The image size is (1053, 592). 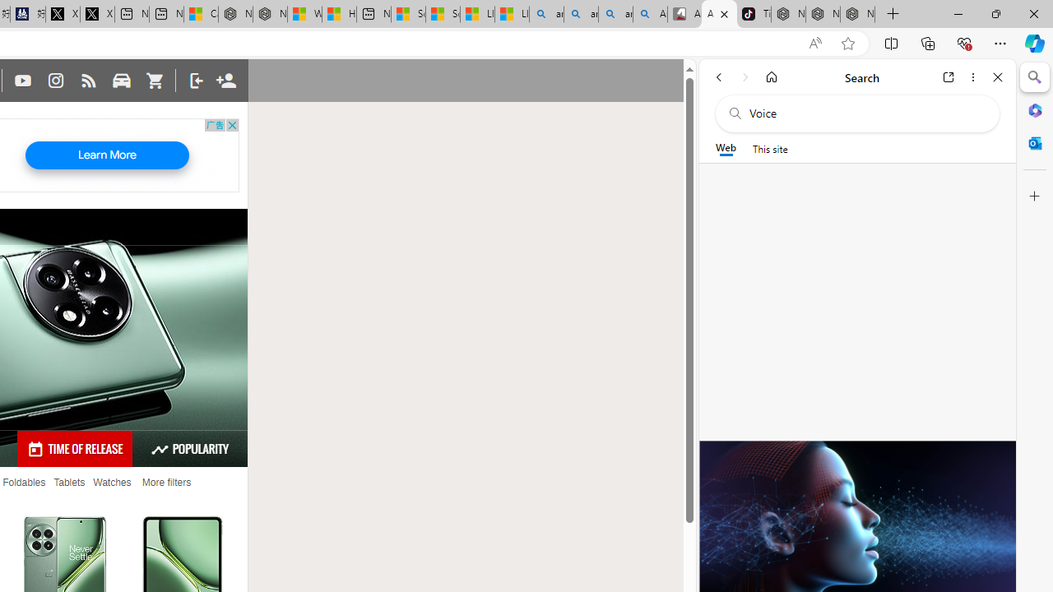 I want to click on 'Open link in new tab', so click(x=949, y=76).